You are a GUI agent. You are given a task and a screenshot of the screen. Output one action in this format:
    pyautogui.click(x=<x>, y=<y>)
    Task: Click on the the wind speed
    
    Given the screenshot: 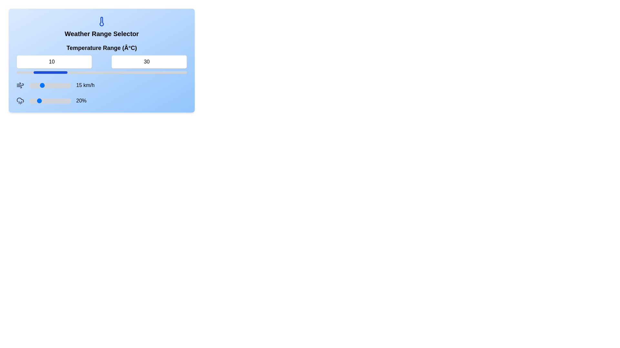 What is the action you would take?
    pyautogui.click(x=57, y=85)
    